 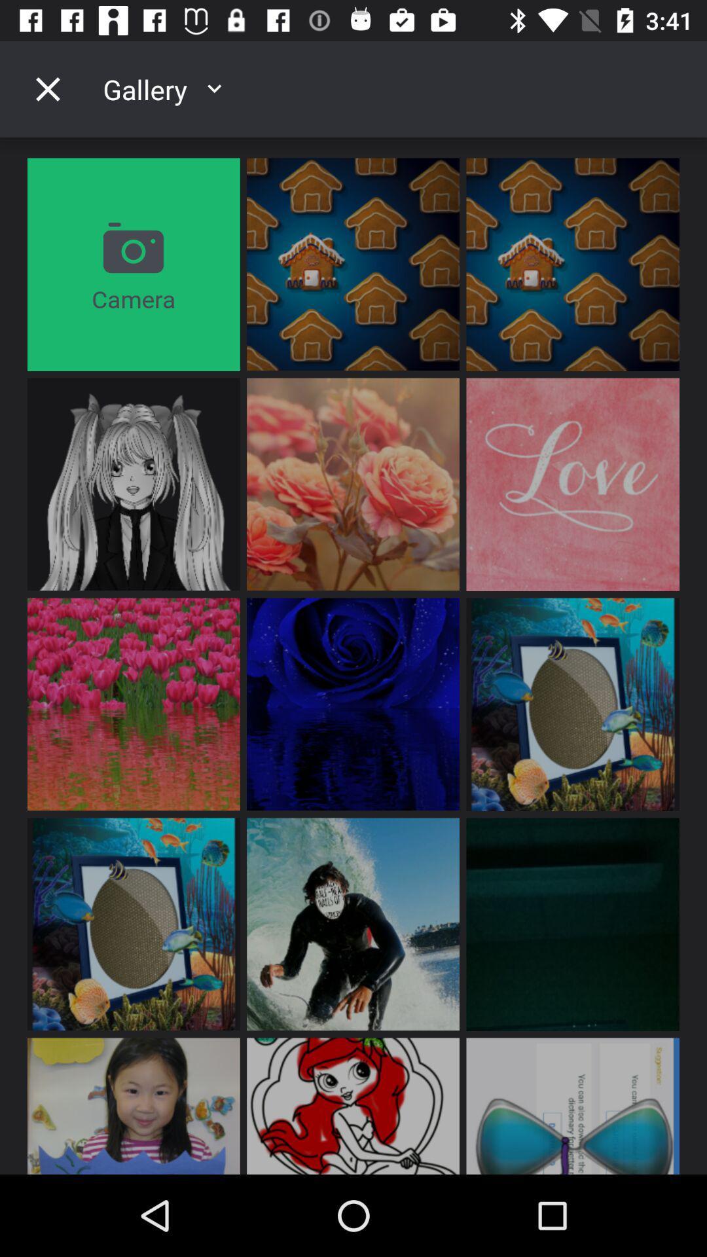 I want to click on exits gallery, so click(x=47, y=88).